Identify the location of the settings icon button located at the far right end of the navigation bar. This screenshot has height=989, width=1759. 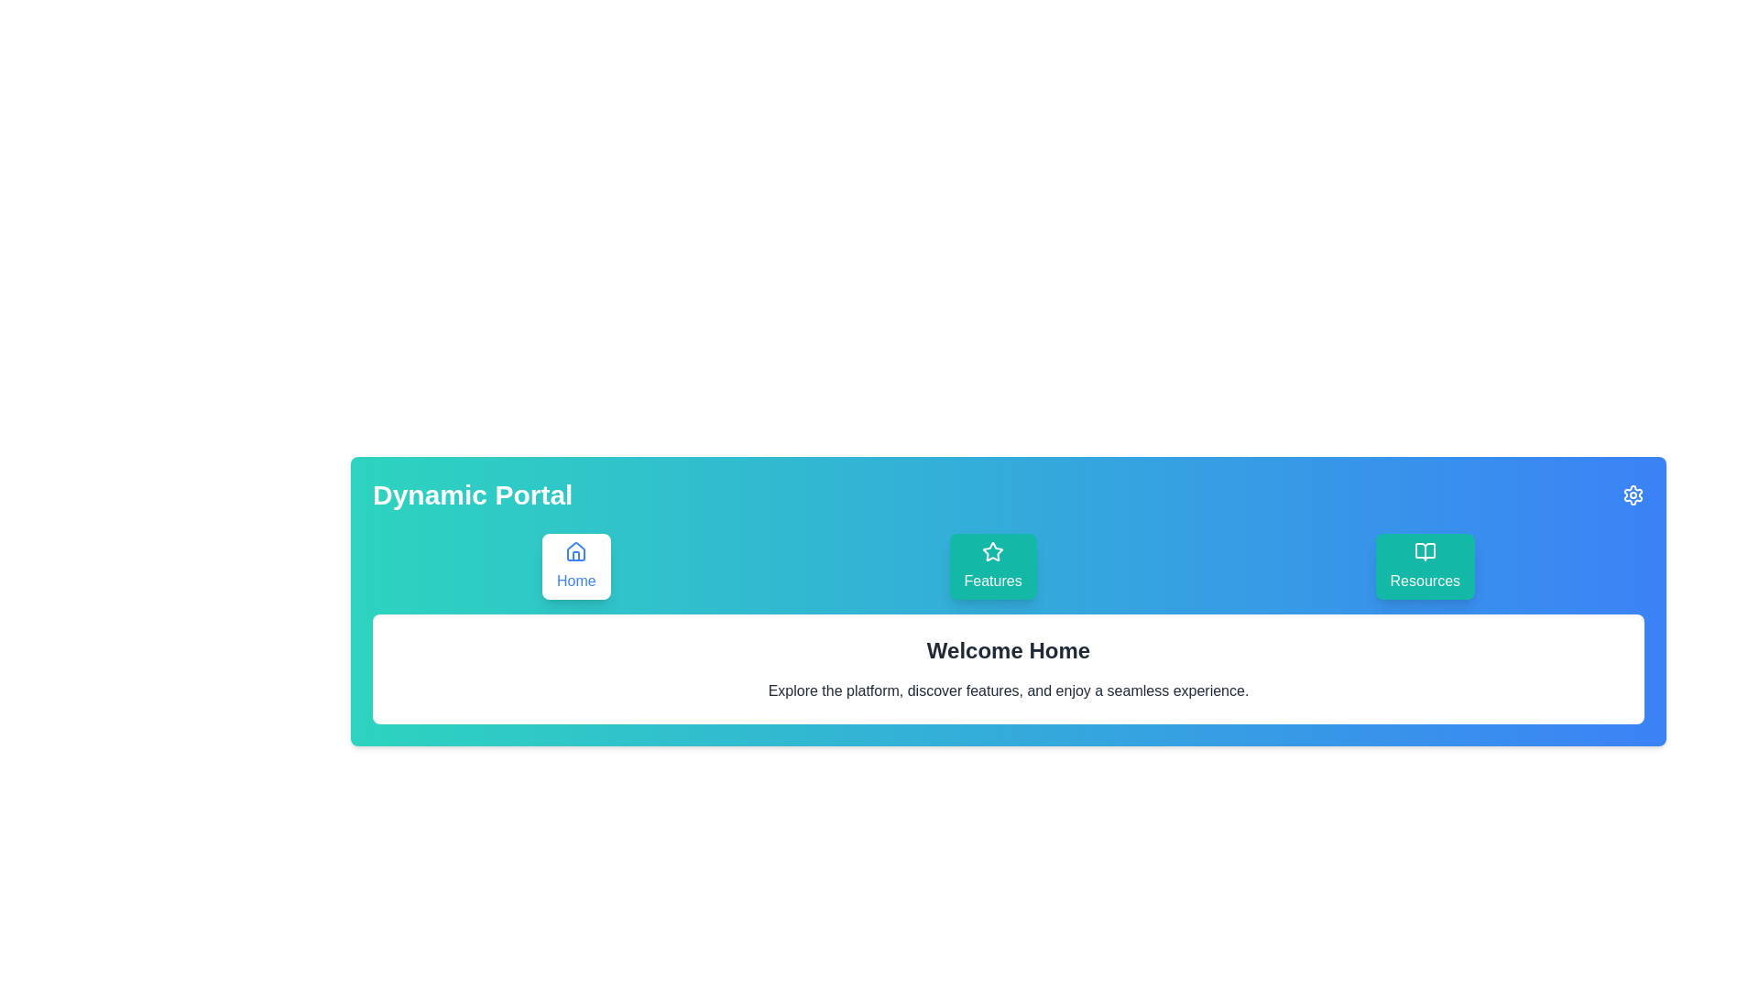
(1633, 494).